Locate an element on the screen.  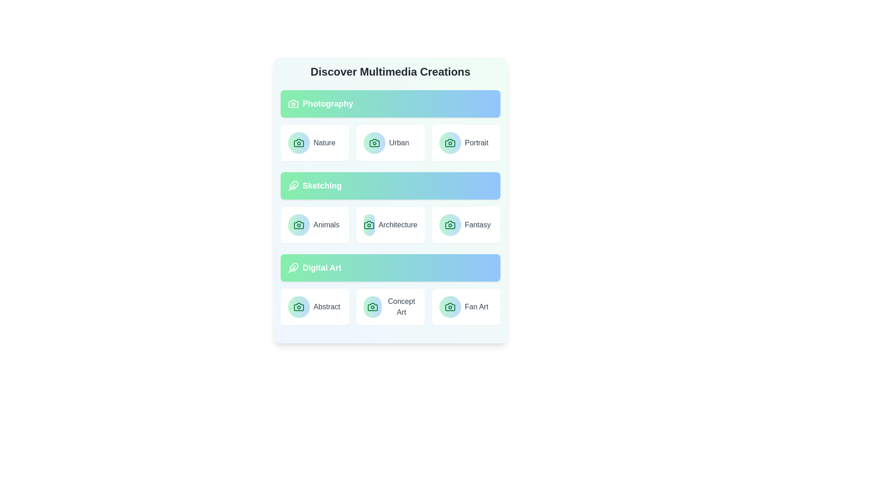
the item labeled Fan Art is located at coordinates (466, 307).